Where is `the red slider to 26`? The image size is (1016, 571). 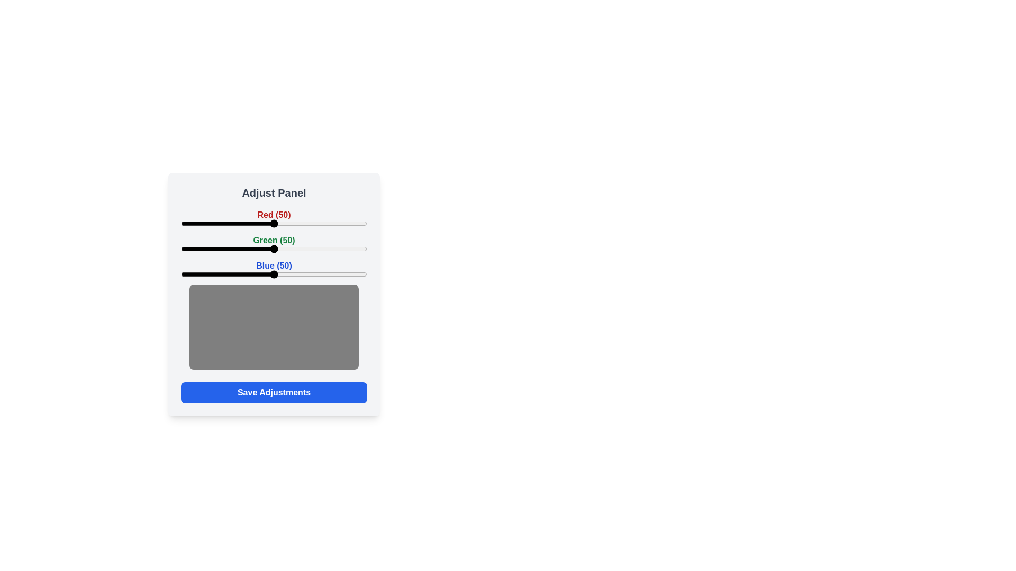 the red slider to 26 is located at coordinates (229, 223).